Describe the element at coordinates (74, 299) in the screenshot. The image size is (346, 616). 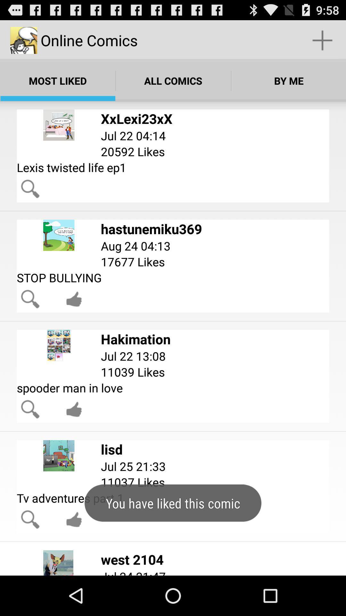
I see `a like button` at that location.